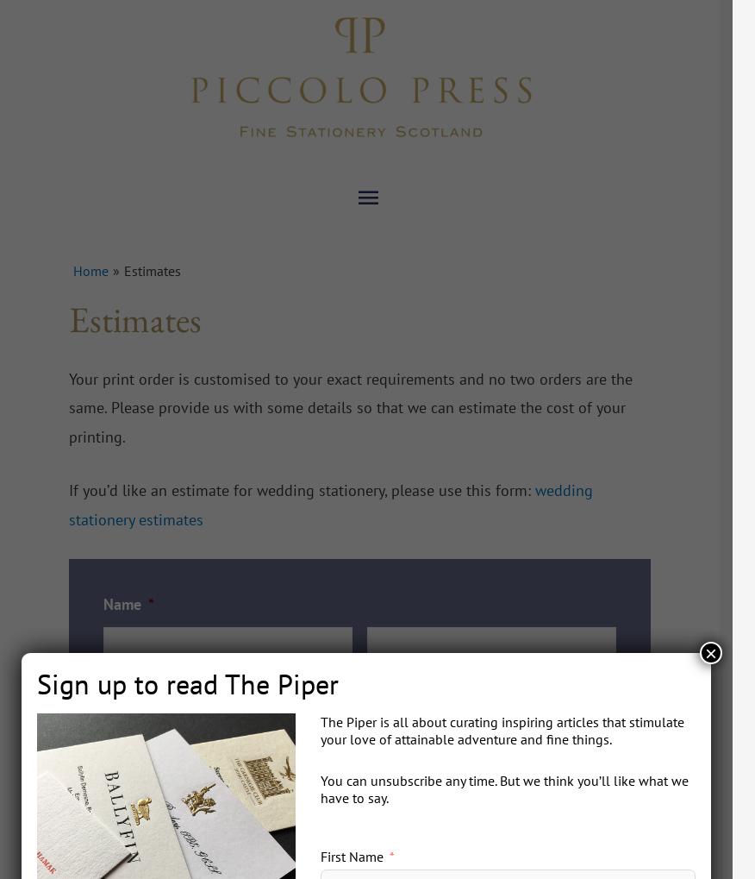  Describe the element at coordinates (415, 827) in the screenshot. I see `'Delivery timeline'` at that location.